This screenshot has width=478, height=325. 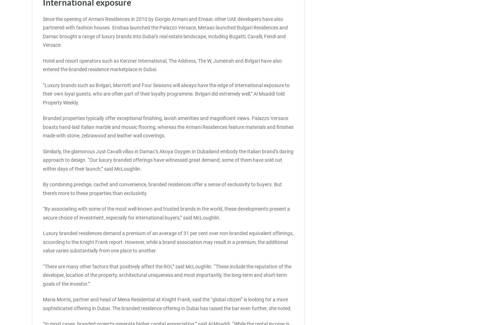 I want to click on 'Similarly, the glamorous Just Cavalli villas in Damac’s Akoya Oxygen in Dubailand embody the Italian brand’s daring approach to design. “Our luxury branded offerings have witnessed great demand; some of them have sold out within days of their launch,” said McLoughlin.', so click(x=168, y=159).